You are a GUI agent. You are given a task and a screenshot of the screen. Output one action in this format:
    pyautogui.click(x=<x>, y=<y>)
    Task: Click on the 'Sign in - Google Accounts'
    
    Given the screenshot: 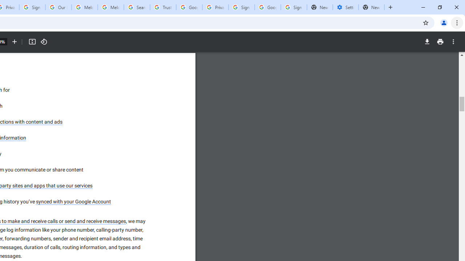 What is the action you would take?
    pyautogui.click(x=241, y=7)
    